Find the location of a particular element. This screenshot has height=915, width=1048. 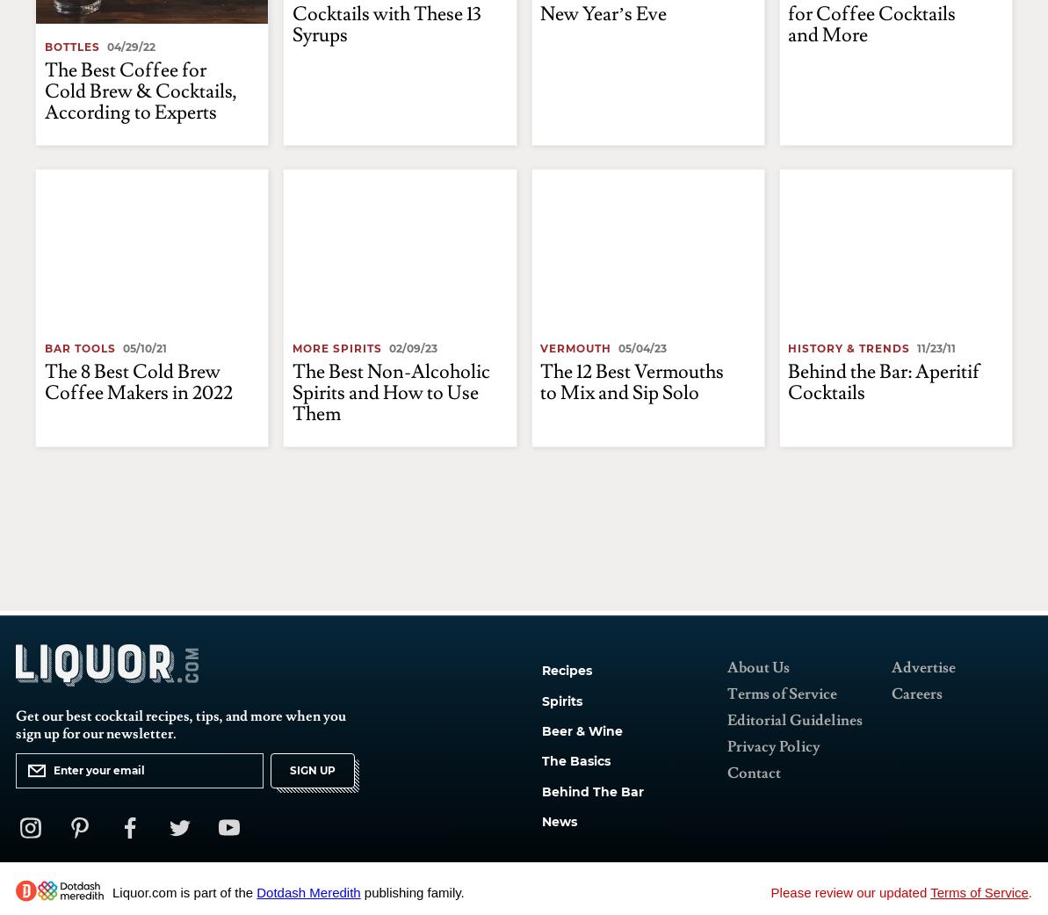

'About Us' is located at coordinates (725, 666).